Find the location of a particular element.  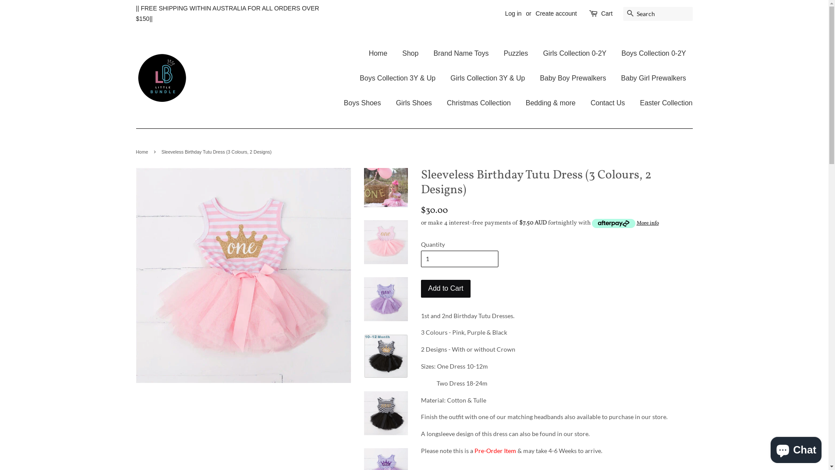

'Log in' is located at coordinates (505, 13).